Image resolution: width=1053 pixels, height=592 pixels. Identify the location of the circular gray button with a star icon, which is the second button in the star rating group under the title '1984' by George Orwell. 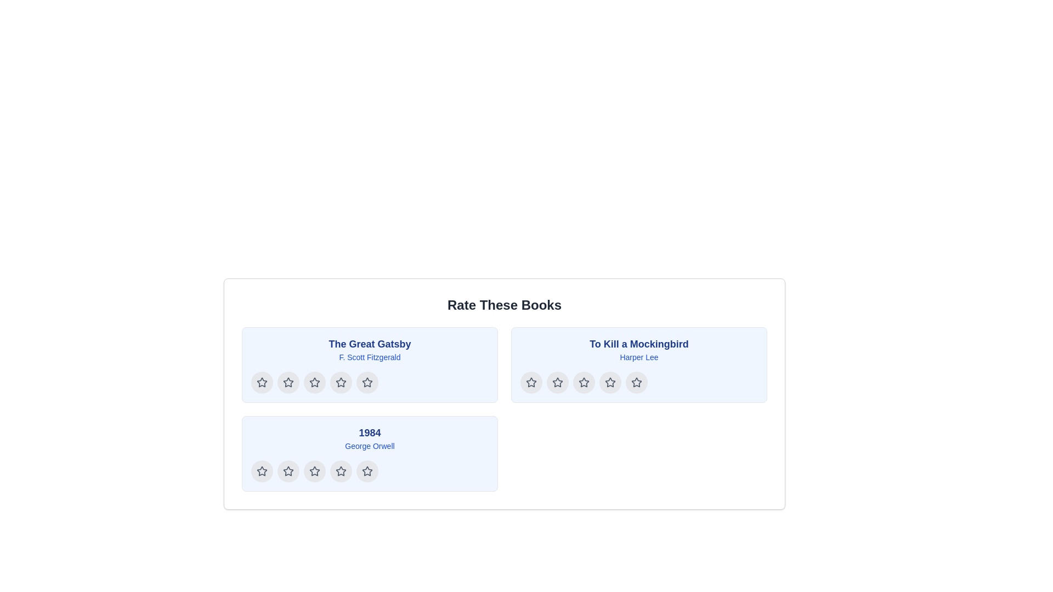
(288, 471).